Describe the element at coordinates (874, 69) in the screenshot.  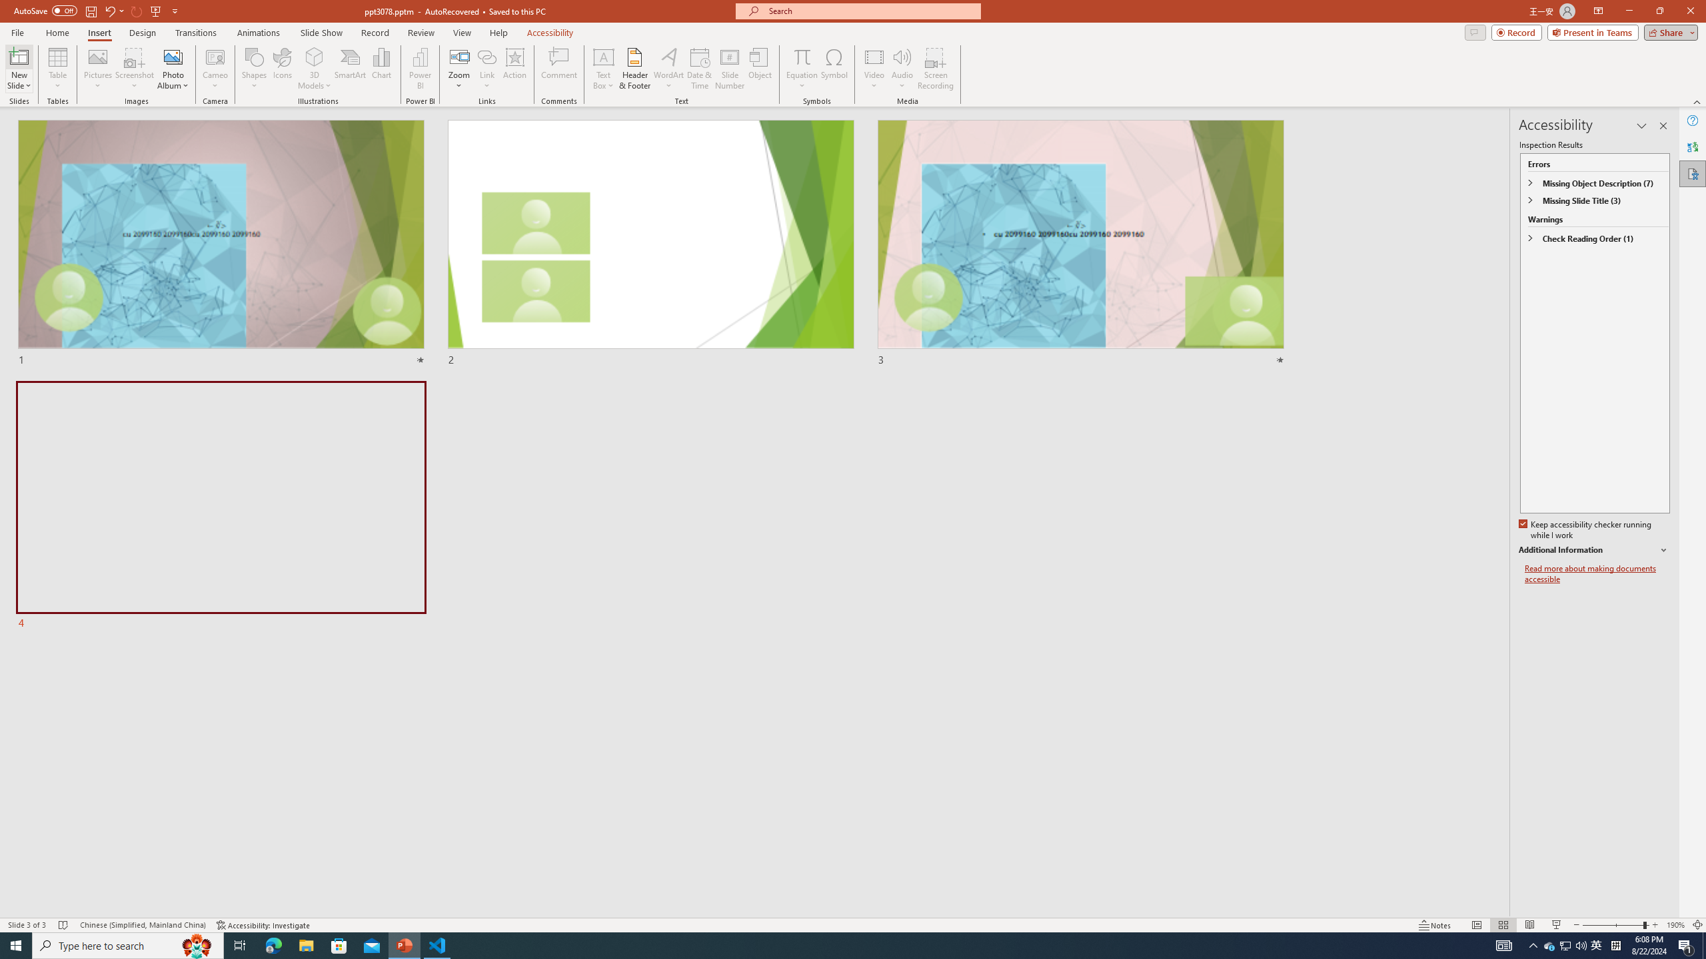
I see `'Video'` at that location.